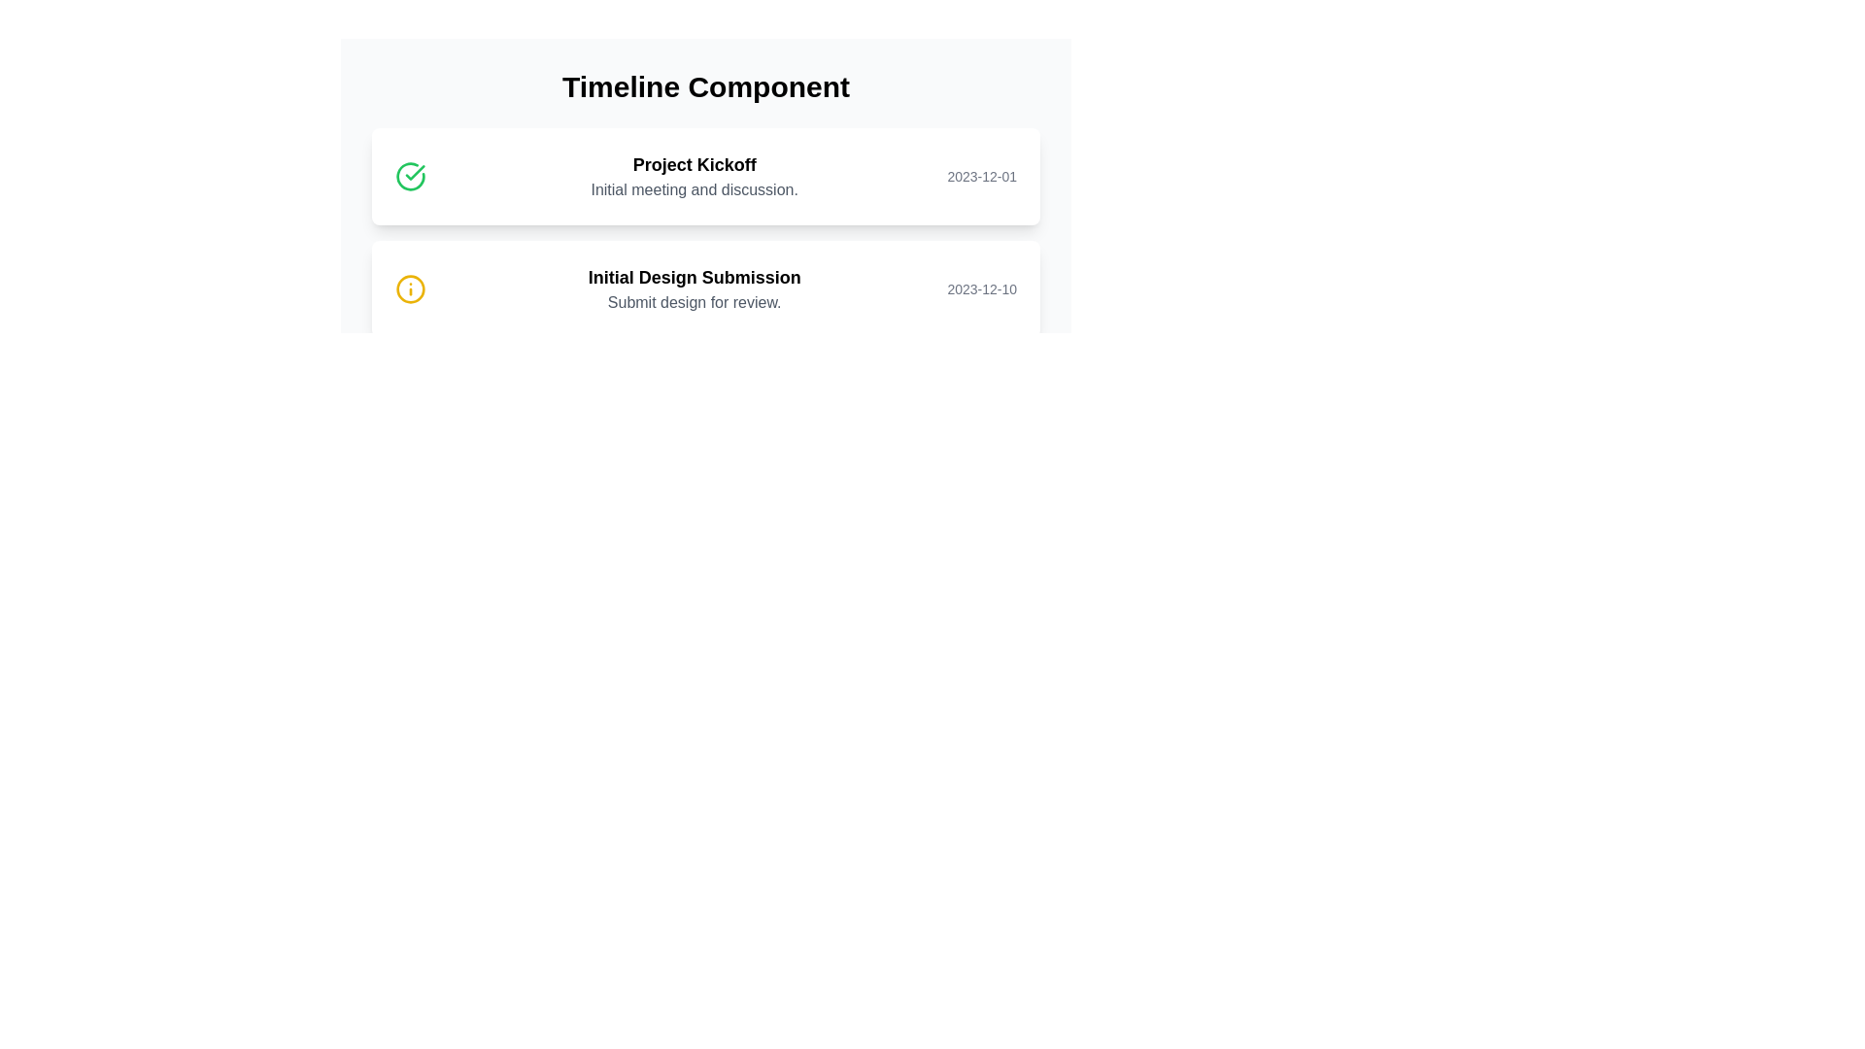 This screenshot has height=1049, width=1865. I want to click on text displayed in the date label located at the far right of the 'Project Kickoff' card, which follows the description text 'Initial meeting and discussion.', so click(982, 176).